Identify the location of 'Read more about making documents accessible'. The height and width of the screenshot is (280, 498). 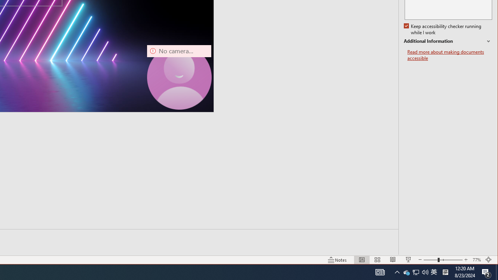
(449, 55).